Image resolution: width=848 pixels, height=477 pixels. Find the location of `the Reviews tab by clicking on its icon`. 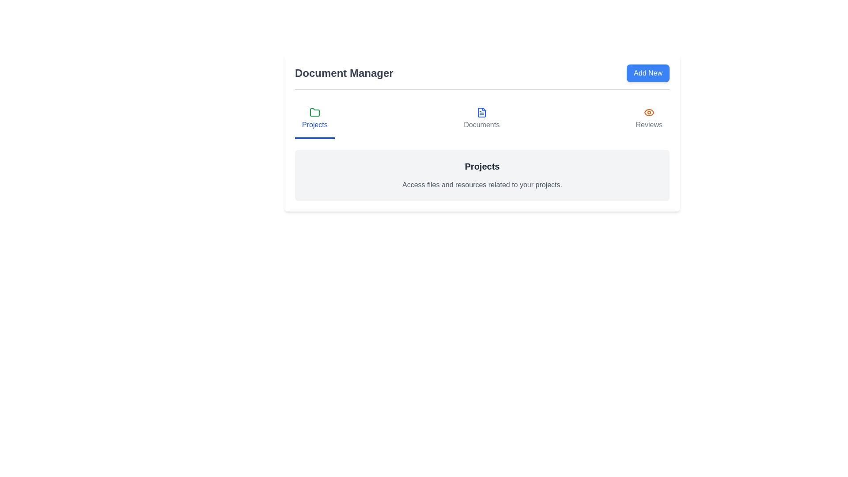

the Reviews tab by clicking on its icon is located at coordinates (648, 119).